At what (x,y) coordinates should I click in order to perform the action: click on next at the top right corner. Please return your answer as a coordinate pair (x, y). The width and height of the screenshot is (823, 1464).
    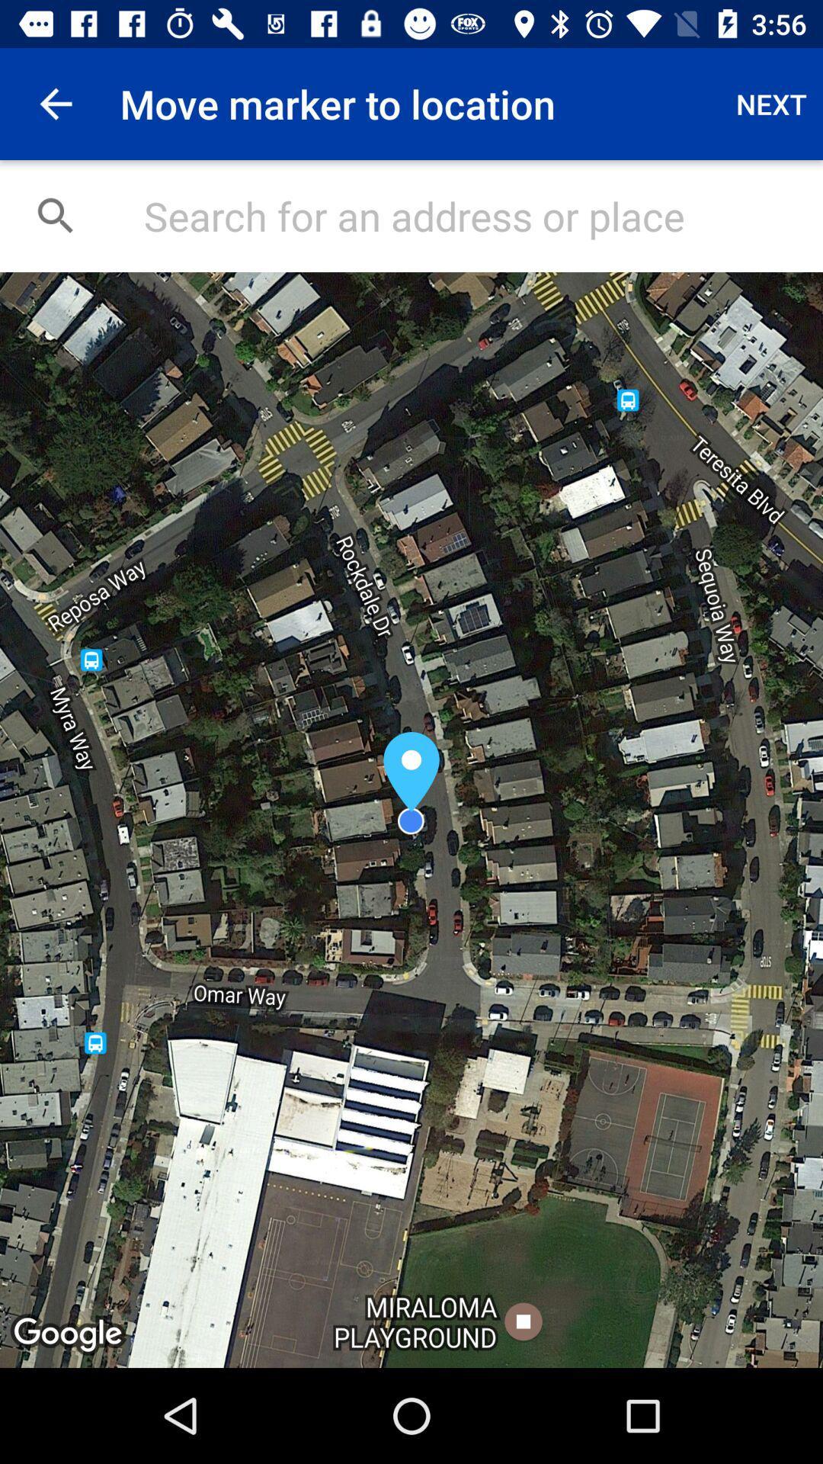
    Looking at the image, I should click on (771, 103).